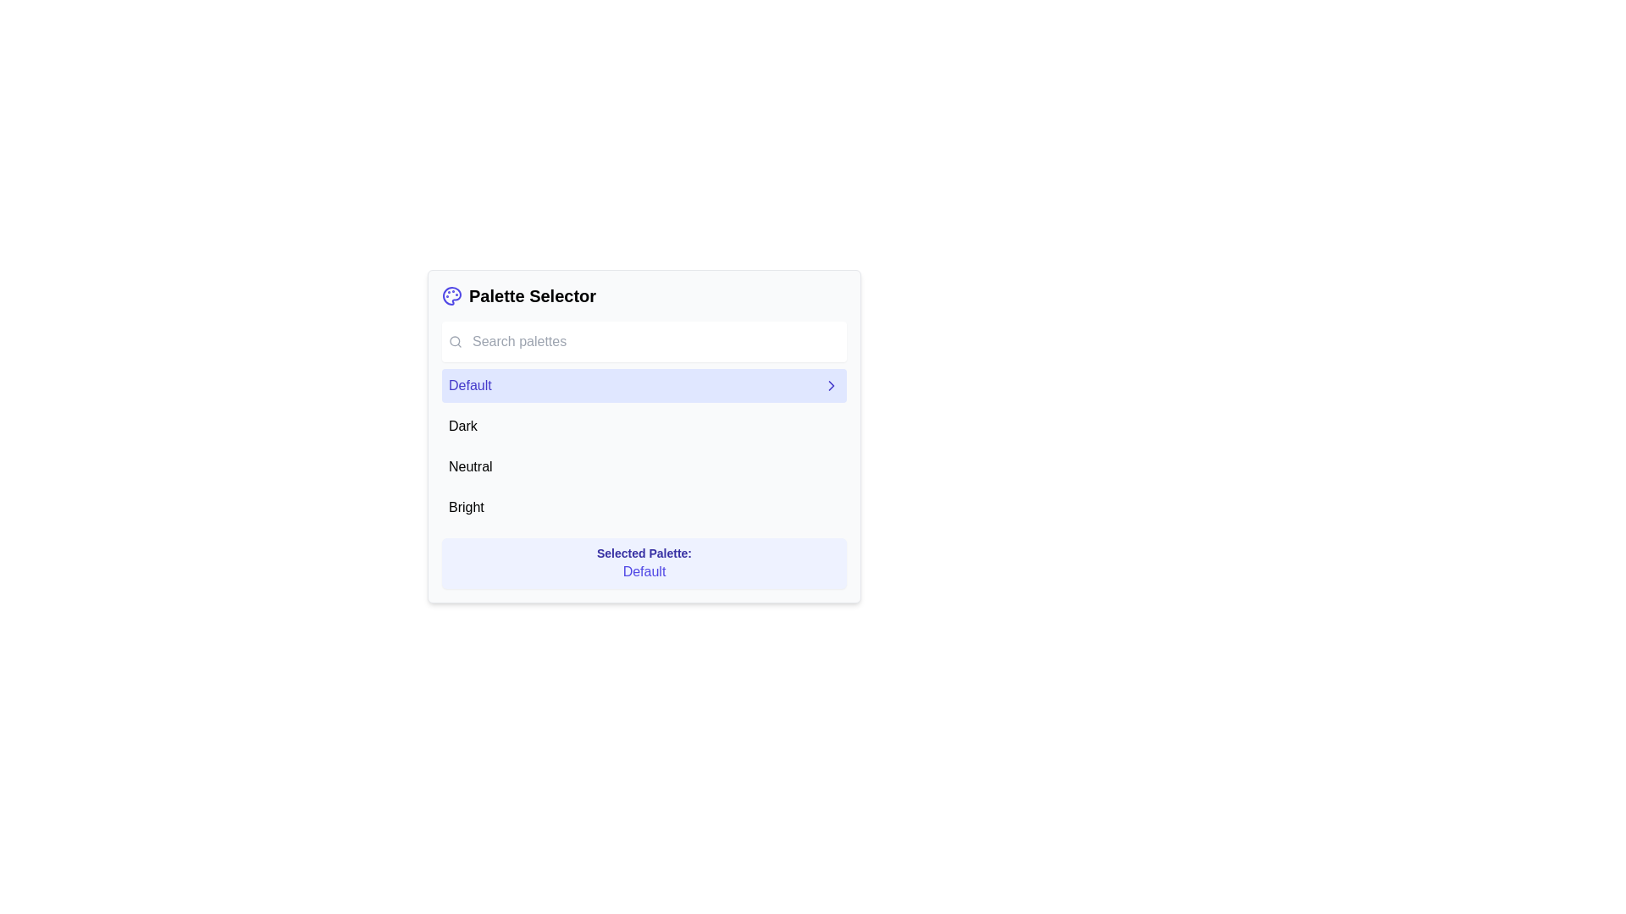  What do you see at coordinates (644, 342) in the screenshot?
I see `the search input field with the placeholder 'Search palettes' to focus on it` at bounding box center [644, 342].